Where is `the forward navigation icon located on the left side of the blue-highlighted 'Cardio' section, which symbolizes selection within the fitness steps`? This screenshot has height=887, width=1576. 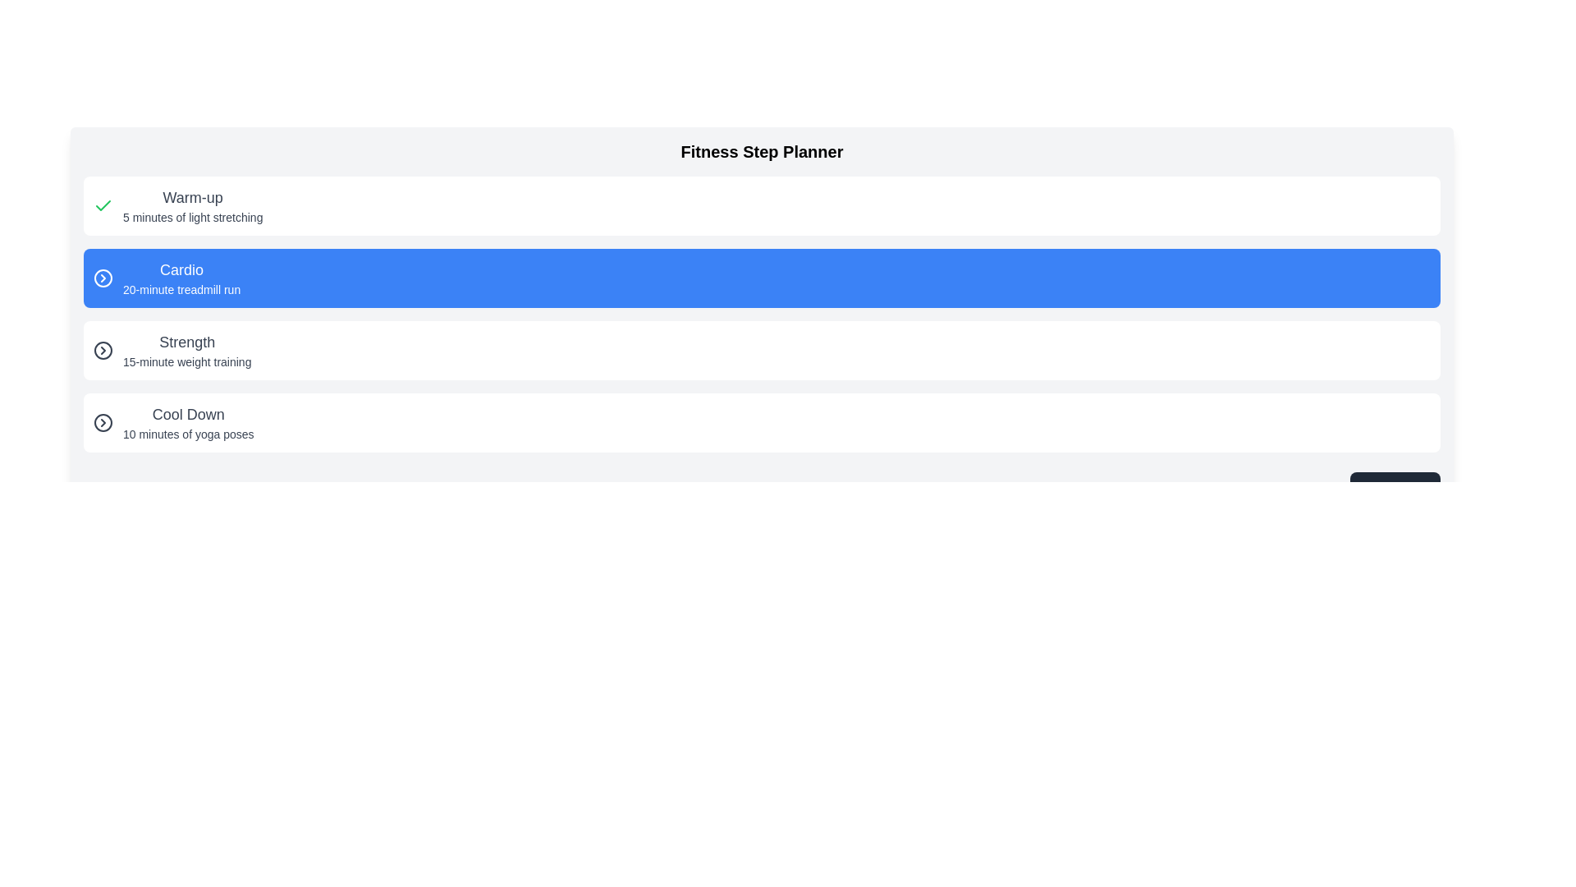
the forward navigation icon located on the left side of the blue-highlighted 'Cardio' section, which symbolizes selection within the fitness steps is located at coordinates (102, 278).